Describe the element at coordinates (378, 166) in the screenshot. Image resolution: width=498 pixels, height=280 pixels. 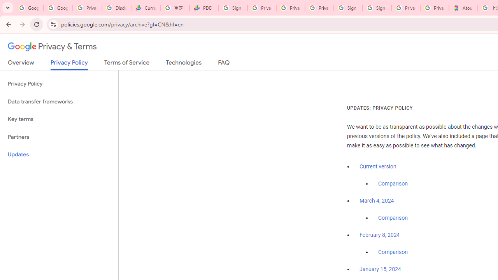
I see `'Current version'` at that location.